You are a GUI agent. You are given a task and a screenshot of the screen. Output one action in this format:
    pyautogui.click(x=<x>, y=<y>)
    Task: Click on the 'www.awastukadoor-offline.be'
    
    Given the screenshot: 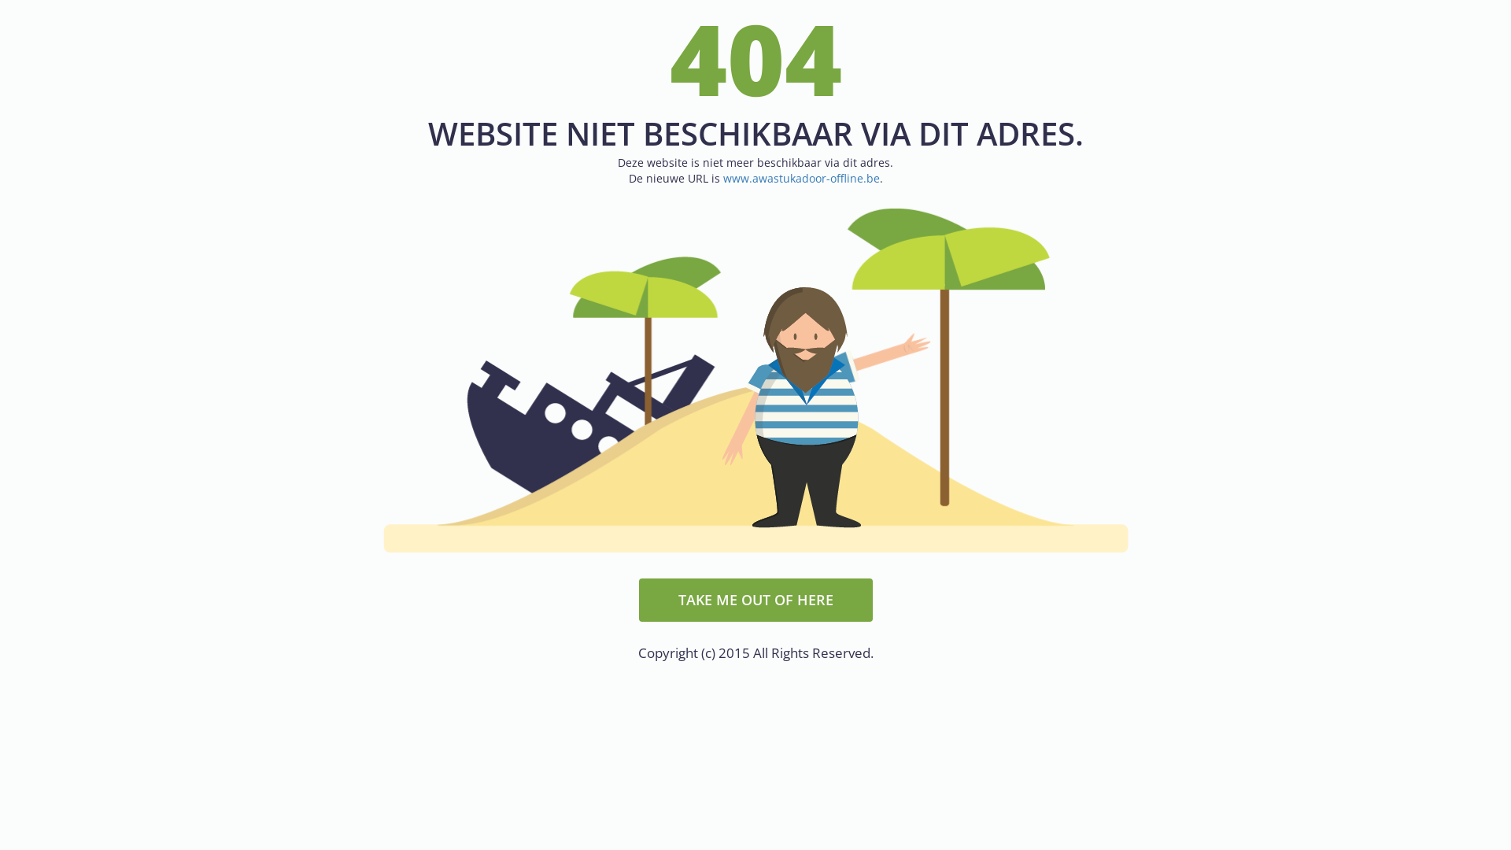 What is the action you would take?
    pyautogui.click(x=800, y=177)
    